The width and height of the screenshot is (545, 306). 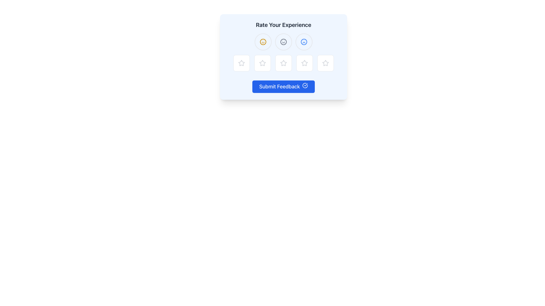 What do you see at coordinates (283, 41) in the screenshot?
I see `the second SVG icon representing a neutral face in the user feedback rating section` at bounding box center [283, 41].